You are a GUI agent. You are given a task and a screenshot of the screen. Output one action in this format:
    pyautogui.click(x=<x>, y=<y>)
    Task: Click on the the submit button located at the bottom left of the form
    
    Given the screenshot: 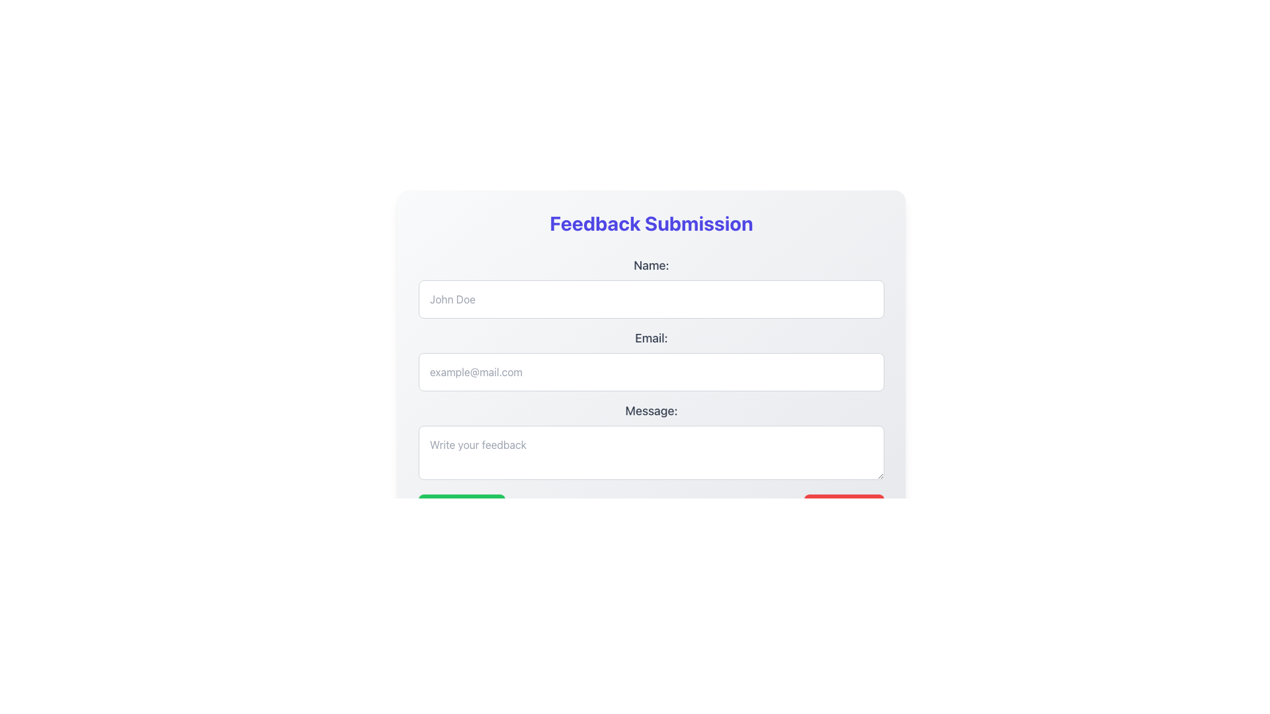 What is the action you would take?
    pyautogui.click(x=462, y=506)
    